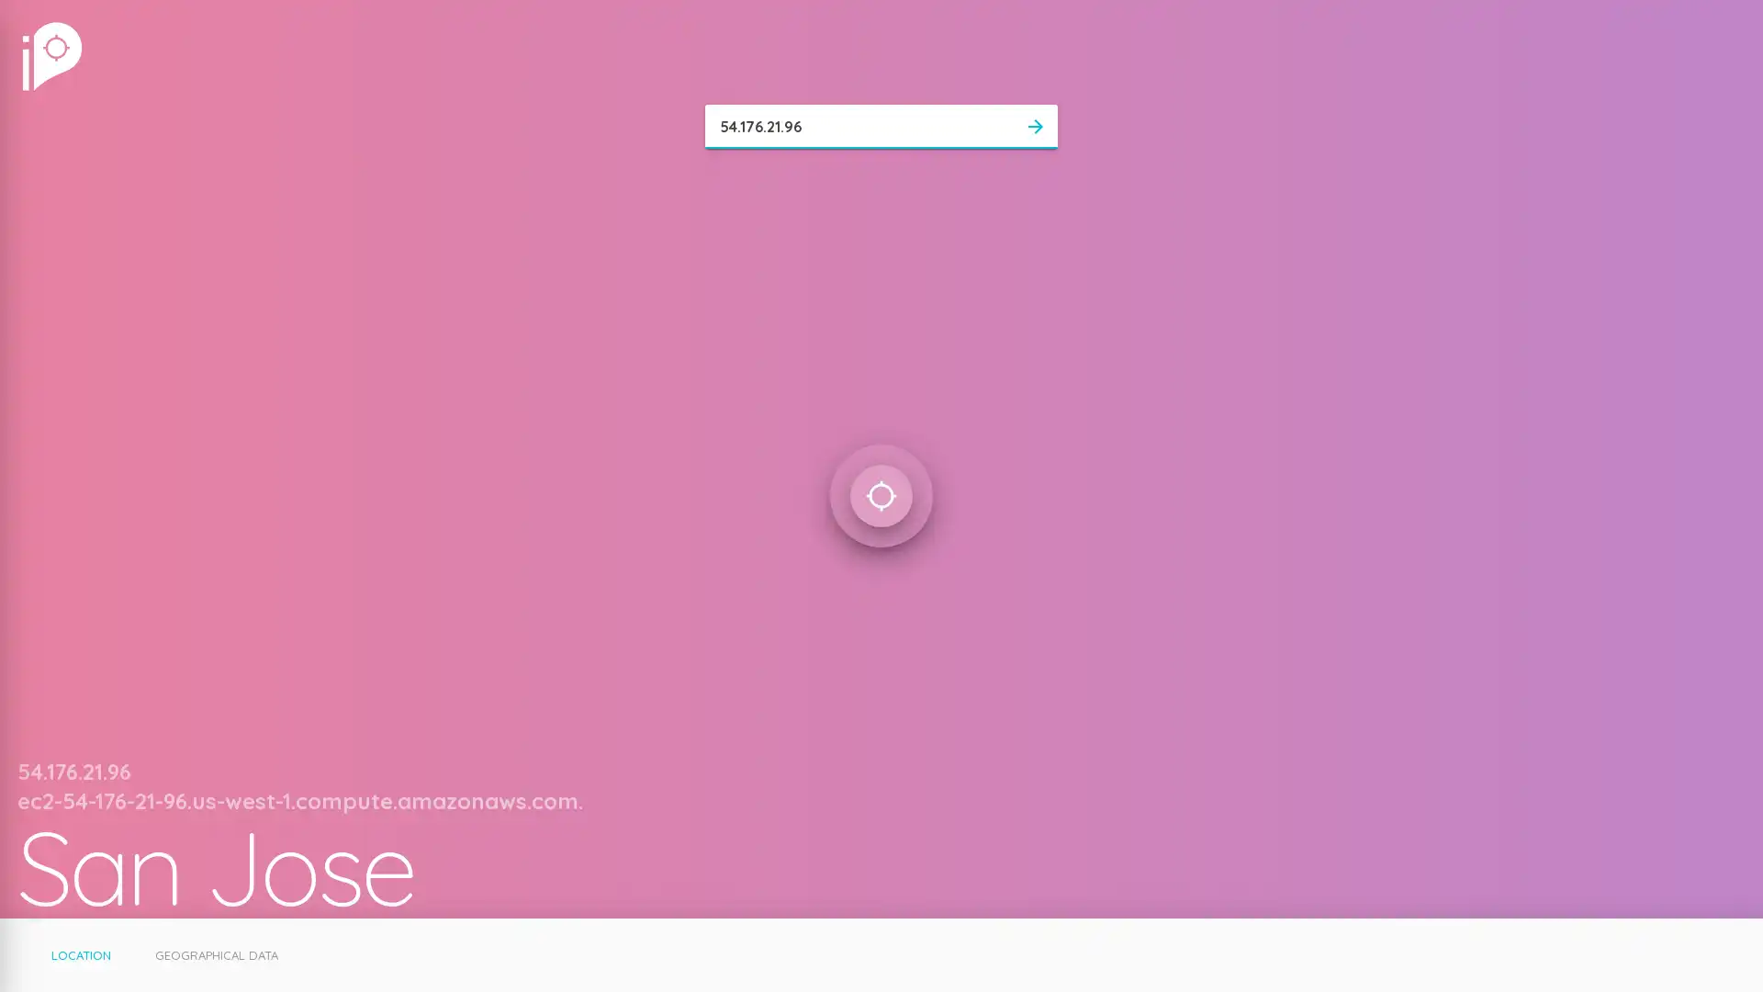 The height and width of the screenshot is (992, 1763). What do you see at coordinates (1036, 126) in the screenshot?
I see `arrow_forward` at bounding box center [1036, 126].